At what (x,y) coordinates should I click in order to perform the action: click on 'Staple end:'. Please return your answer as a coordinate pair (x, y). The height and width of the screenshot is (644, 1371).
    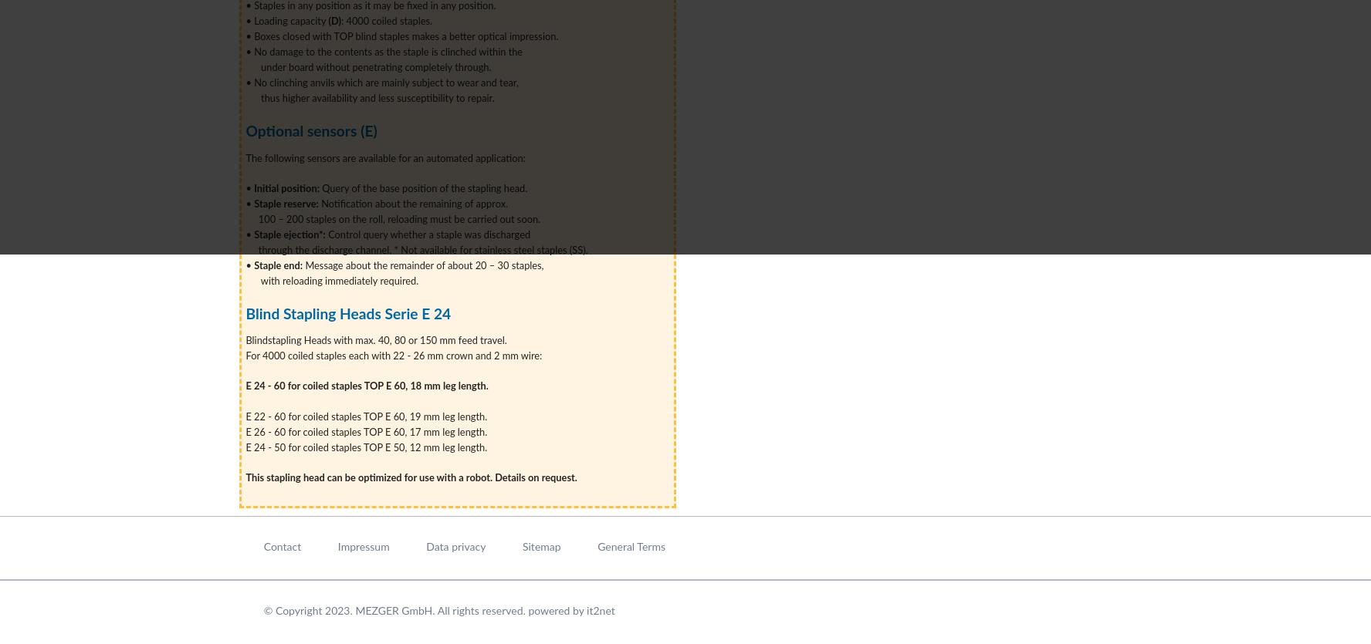
    Looking at the image, I should click on (277, 265).